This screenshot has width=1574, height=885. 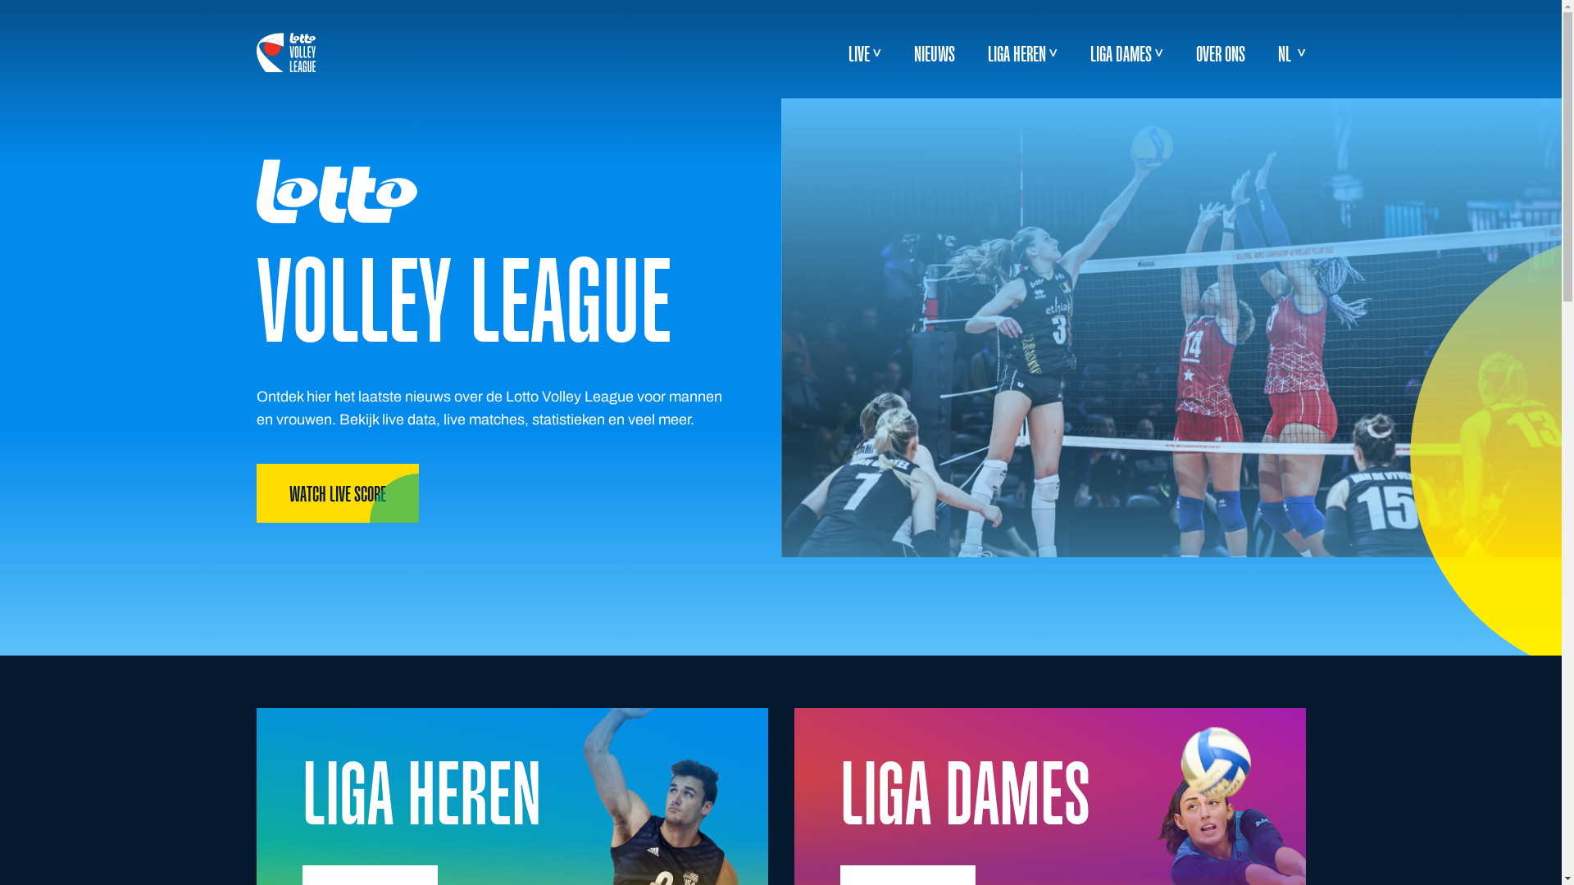 I want to click on 'NIEUWS', so click(x=933, y=52).